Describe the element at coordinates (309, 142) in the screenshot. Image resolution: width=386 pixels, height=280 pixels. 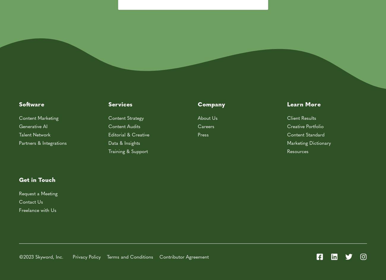
I see `'Marketing Dictionary'` at that location.